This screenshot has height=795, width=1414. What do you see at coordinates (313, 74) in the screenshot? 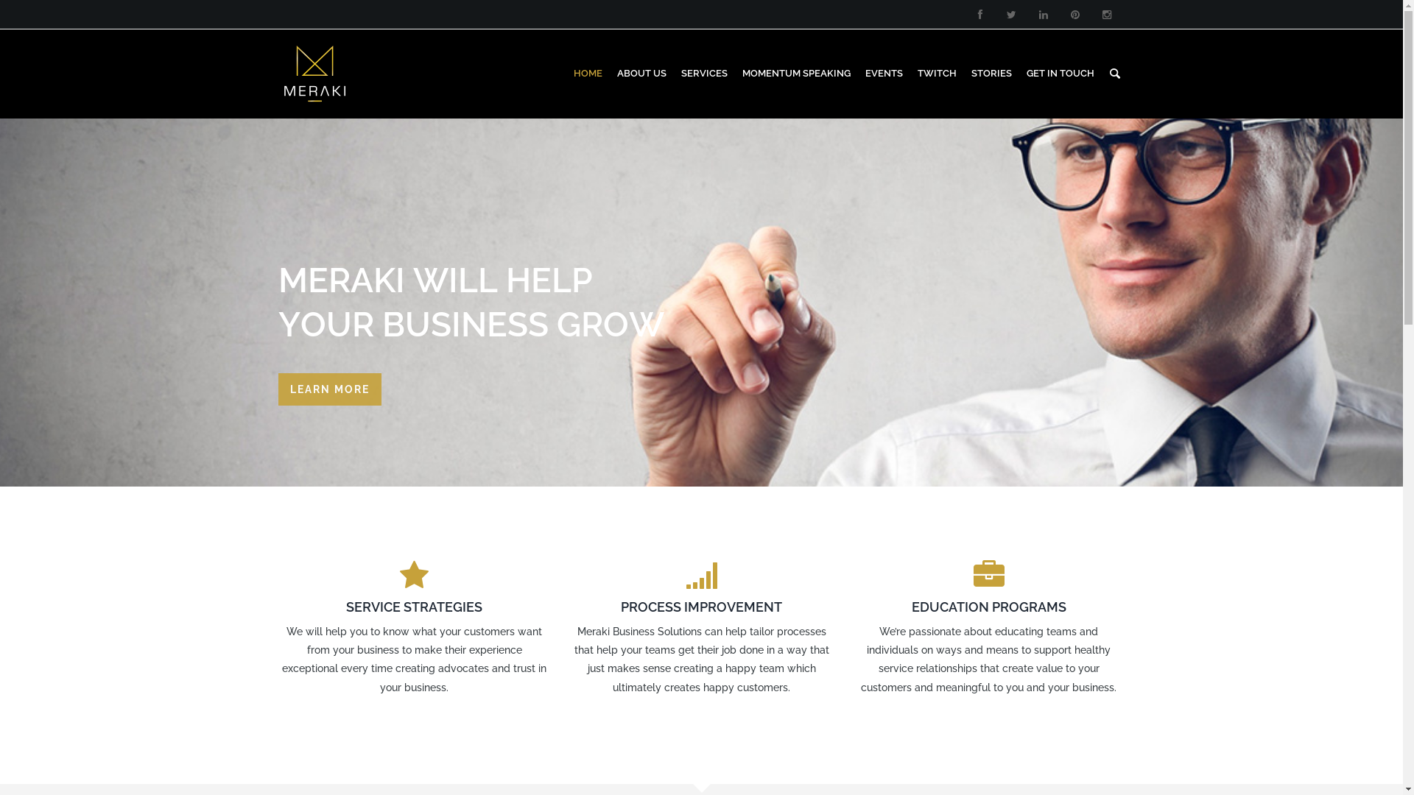
I see `'Meraki Business Solutions'` at bounding box center [313, 74].